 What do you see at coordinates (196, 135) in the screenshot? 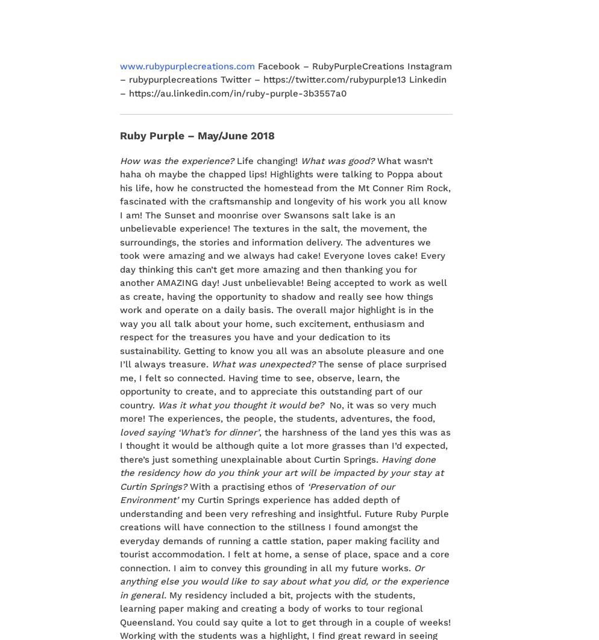
I see `'Ruby Purple – May/June 2018'` at bounding box center [196, 135].